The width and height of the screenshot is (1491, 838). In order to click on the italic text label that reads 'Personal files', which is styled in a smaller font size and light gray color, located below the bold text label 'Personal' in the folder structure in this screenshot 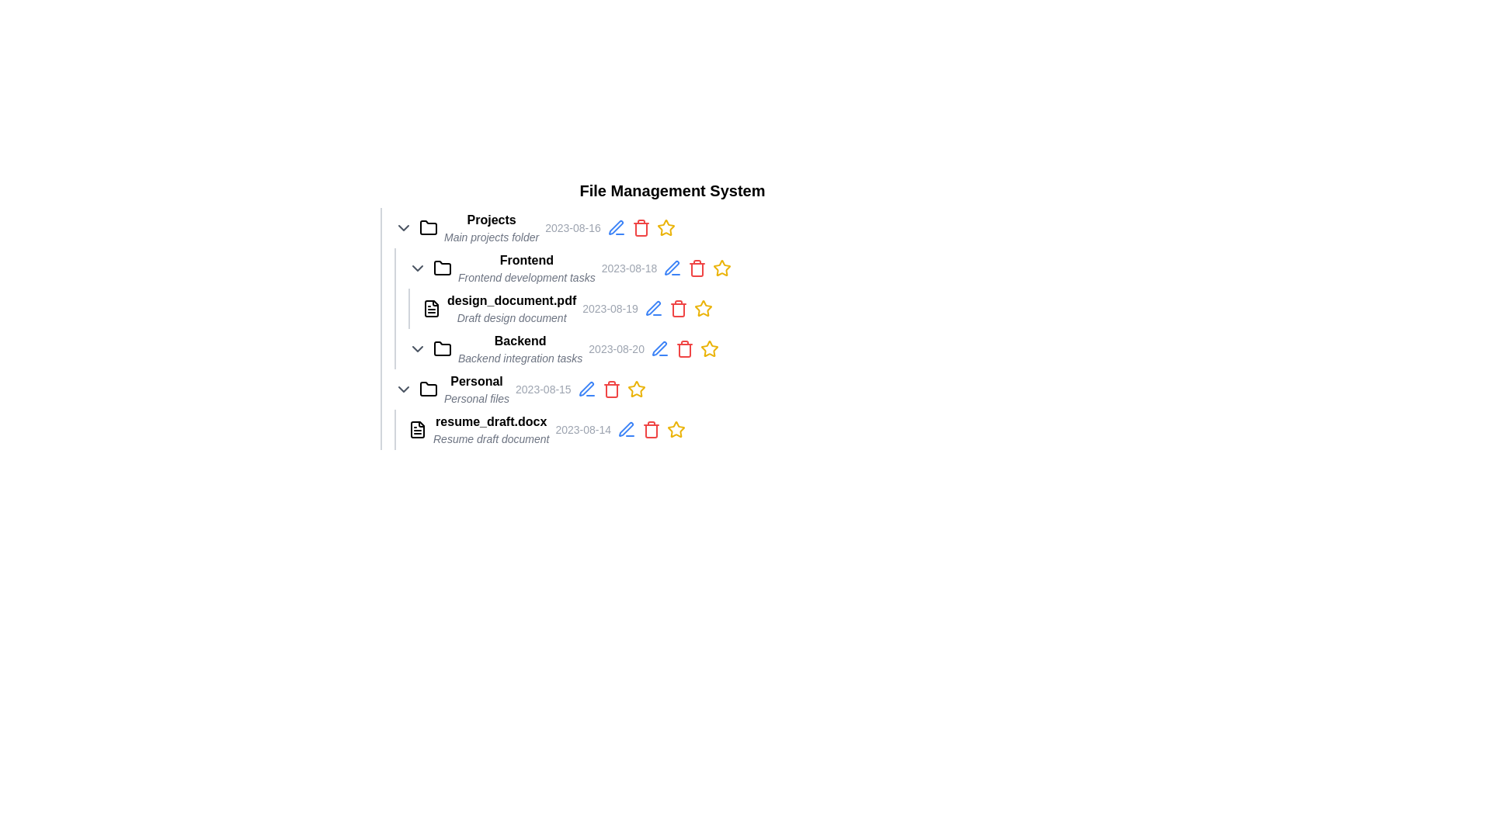, I will do `click(476, 397)`.